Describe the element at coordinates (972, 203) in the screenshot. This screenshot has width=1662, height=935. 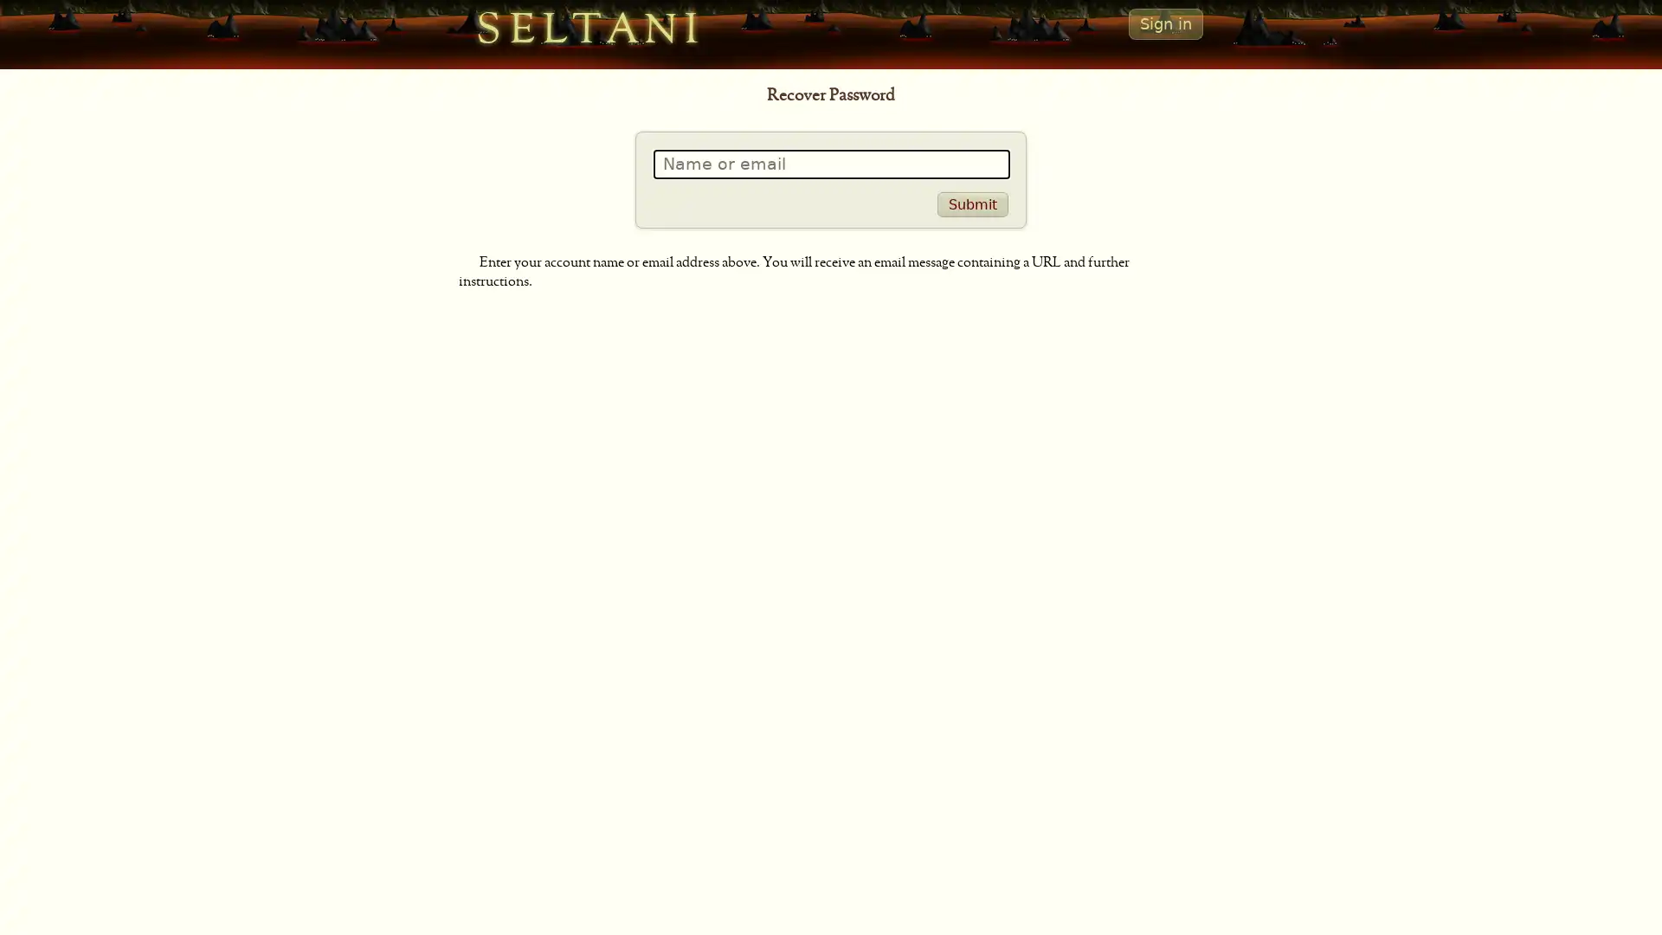
I see `Submit` at that location.